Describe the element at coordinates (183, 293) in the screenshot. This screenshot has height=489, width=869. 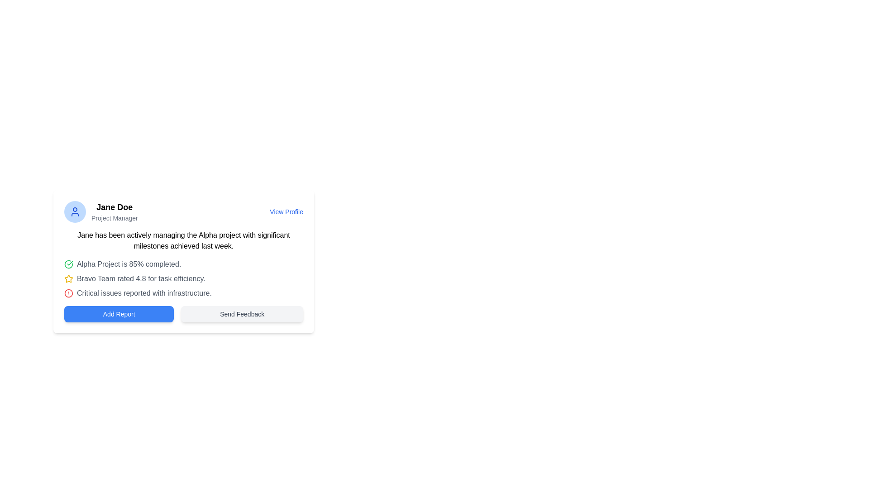
I see `informational text element that displays a red warning icon followed by the text 'Critical issues reported with infrastructure.'` at that location.